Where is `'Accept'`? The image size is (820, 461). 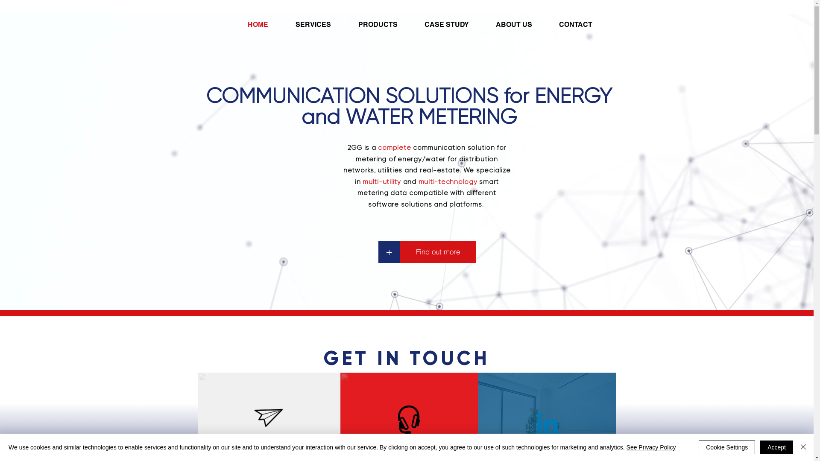
'Accept' is located at coordinates (760, 447).